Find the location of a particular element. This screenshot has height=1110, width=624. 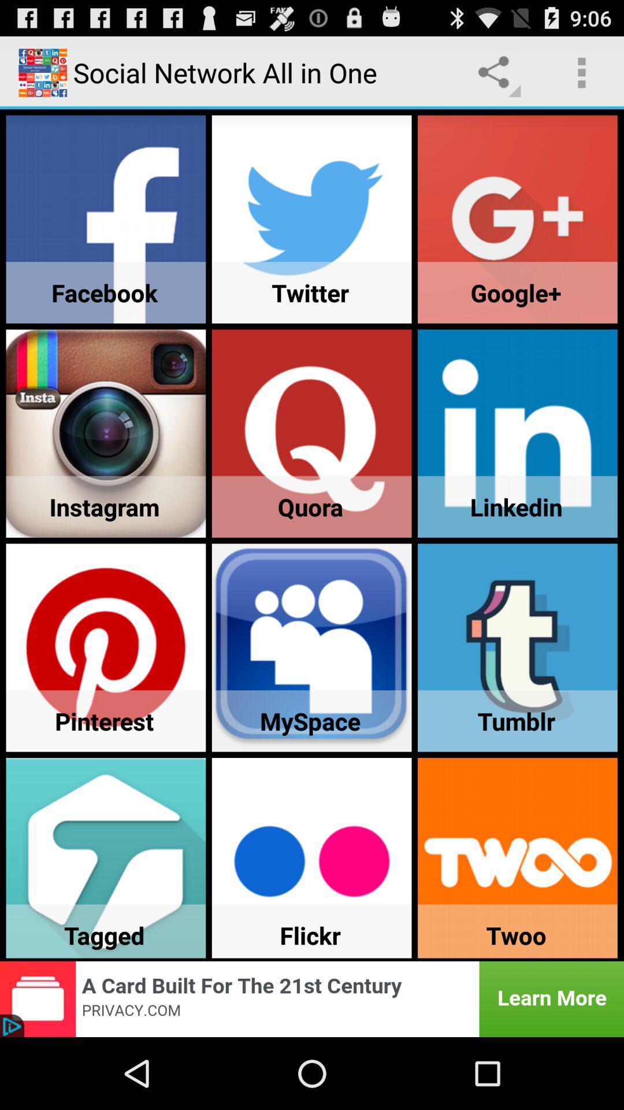

advertising is located at coordinates (312, 998).